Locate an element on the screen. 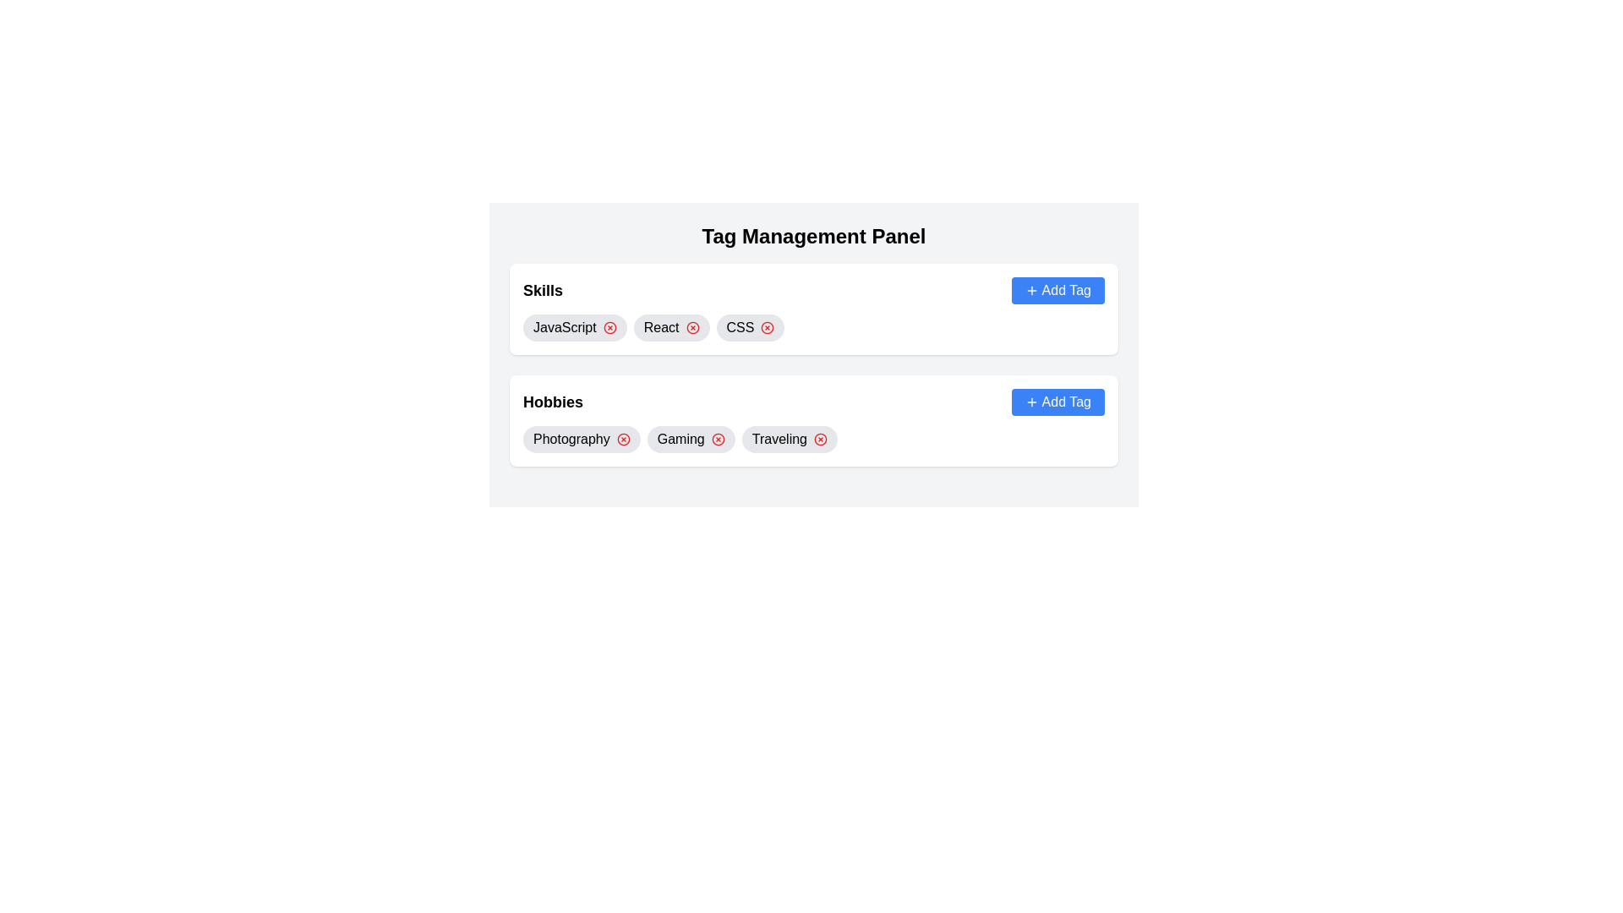 The width and height of the screenshot is (1623, 913). the button located to the right of the 'React' tag in the 'Skills' section is located at coordinates (692, 328).